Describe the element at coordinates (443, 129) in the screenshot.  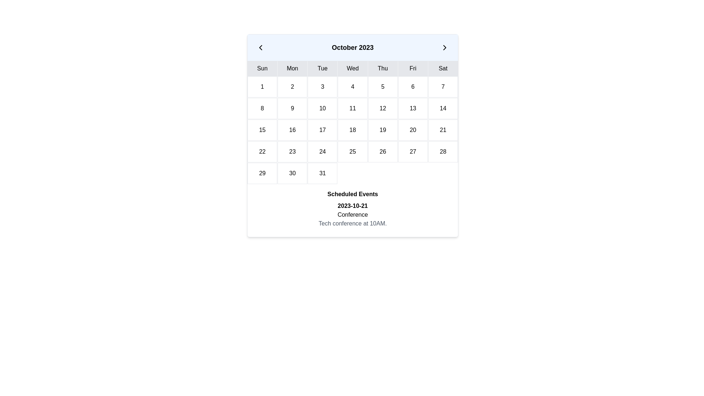
I see `the Calendar Day Cell representing the date '21' in the monthly view` at that location.